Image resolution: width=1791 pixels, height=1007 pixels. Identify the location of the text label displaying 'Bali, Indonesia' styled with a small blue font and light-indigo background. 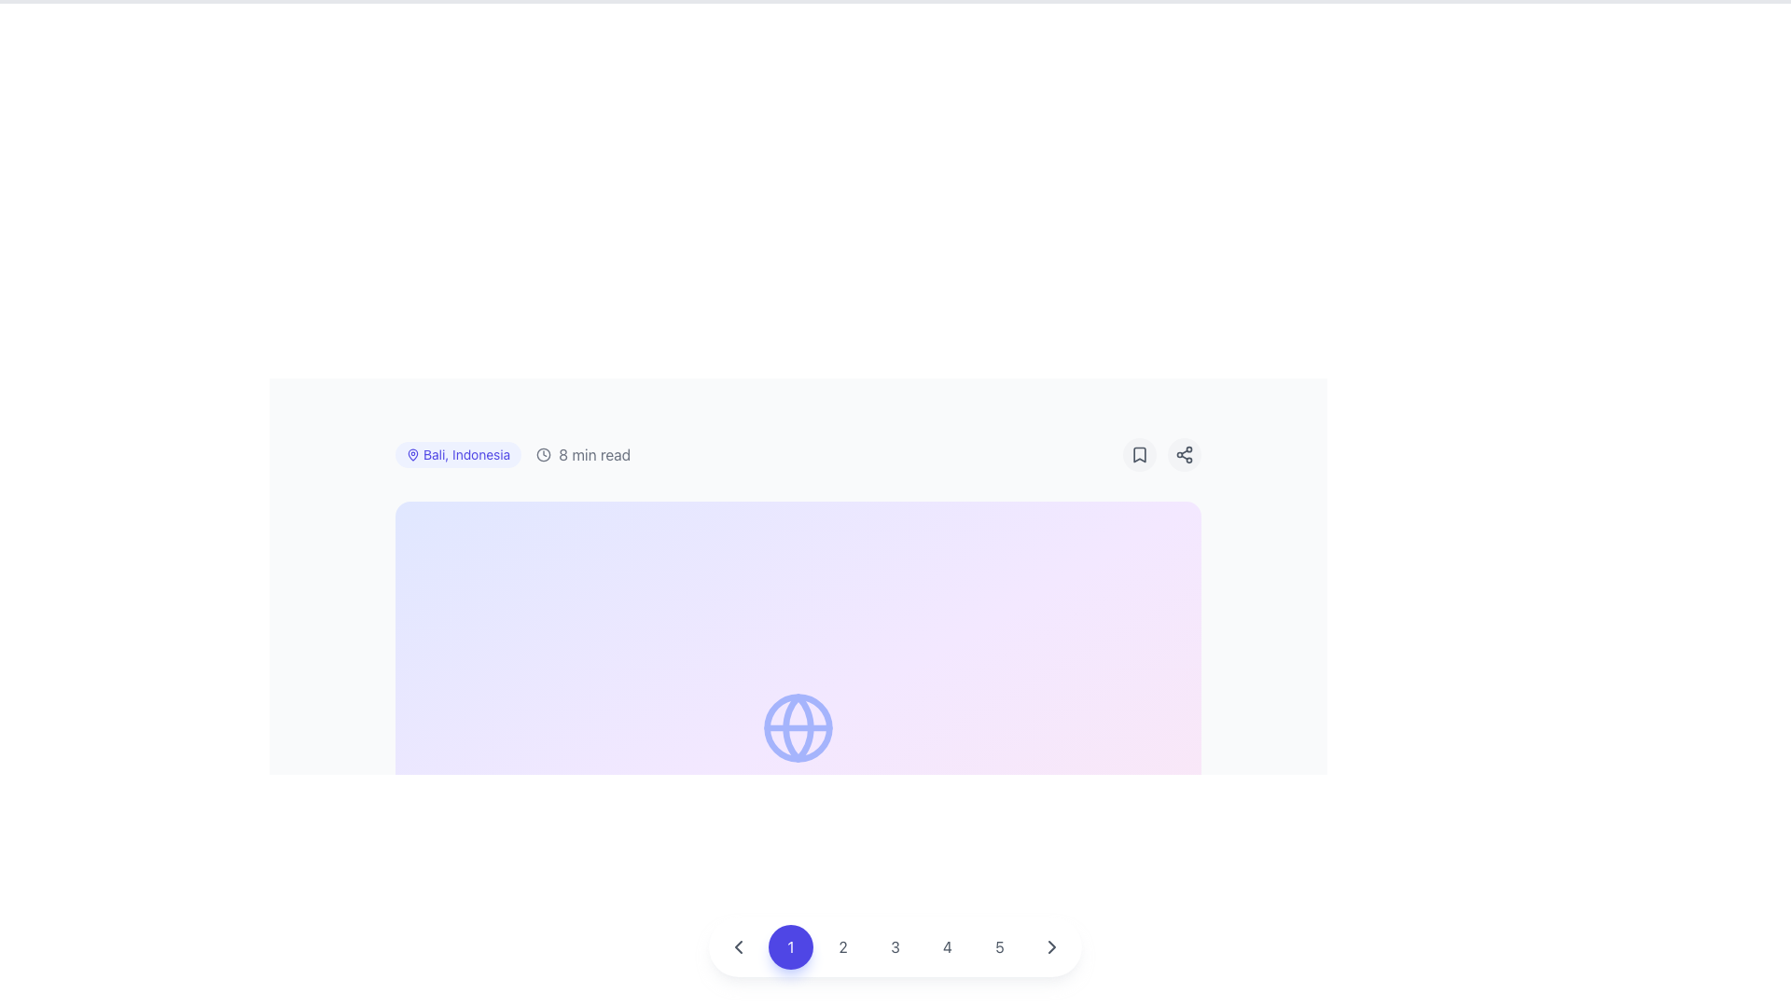
(466, 455).